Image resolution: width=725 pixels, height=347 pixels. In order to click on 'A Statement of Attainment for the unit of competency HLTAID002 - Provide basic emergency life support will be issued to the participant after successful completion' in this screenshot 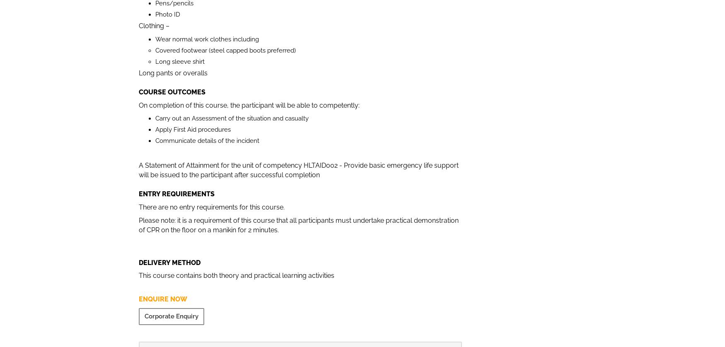, I will do `click(299, 169)`.